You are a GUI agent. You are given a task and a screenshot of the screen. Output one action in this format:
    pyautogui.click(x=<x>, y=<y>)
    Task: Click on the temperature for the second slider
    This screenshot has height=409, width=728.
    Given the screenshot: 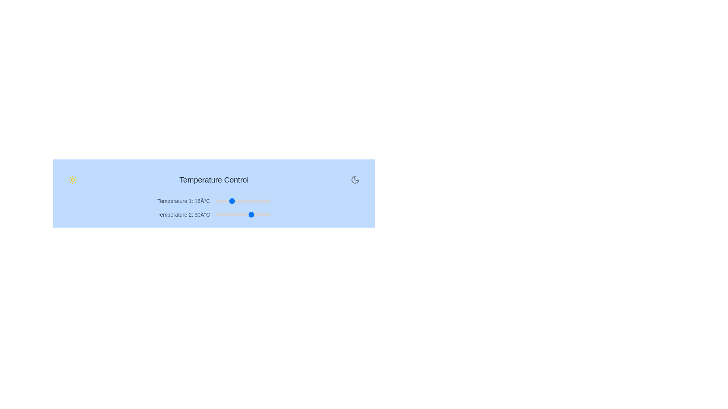 What is the action you would take?
    pyautogui.click(x=237, y=215)
    